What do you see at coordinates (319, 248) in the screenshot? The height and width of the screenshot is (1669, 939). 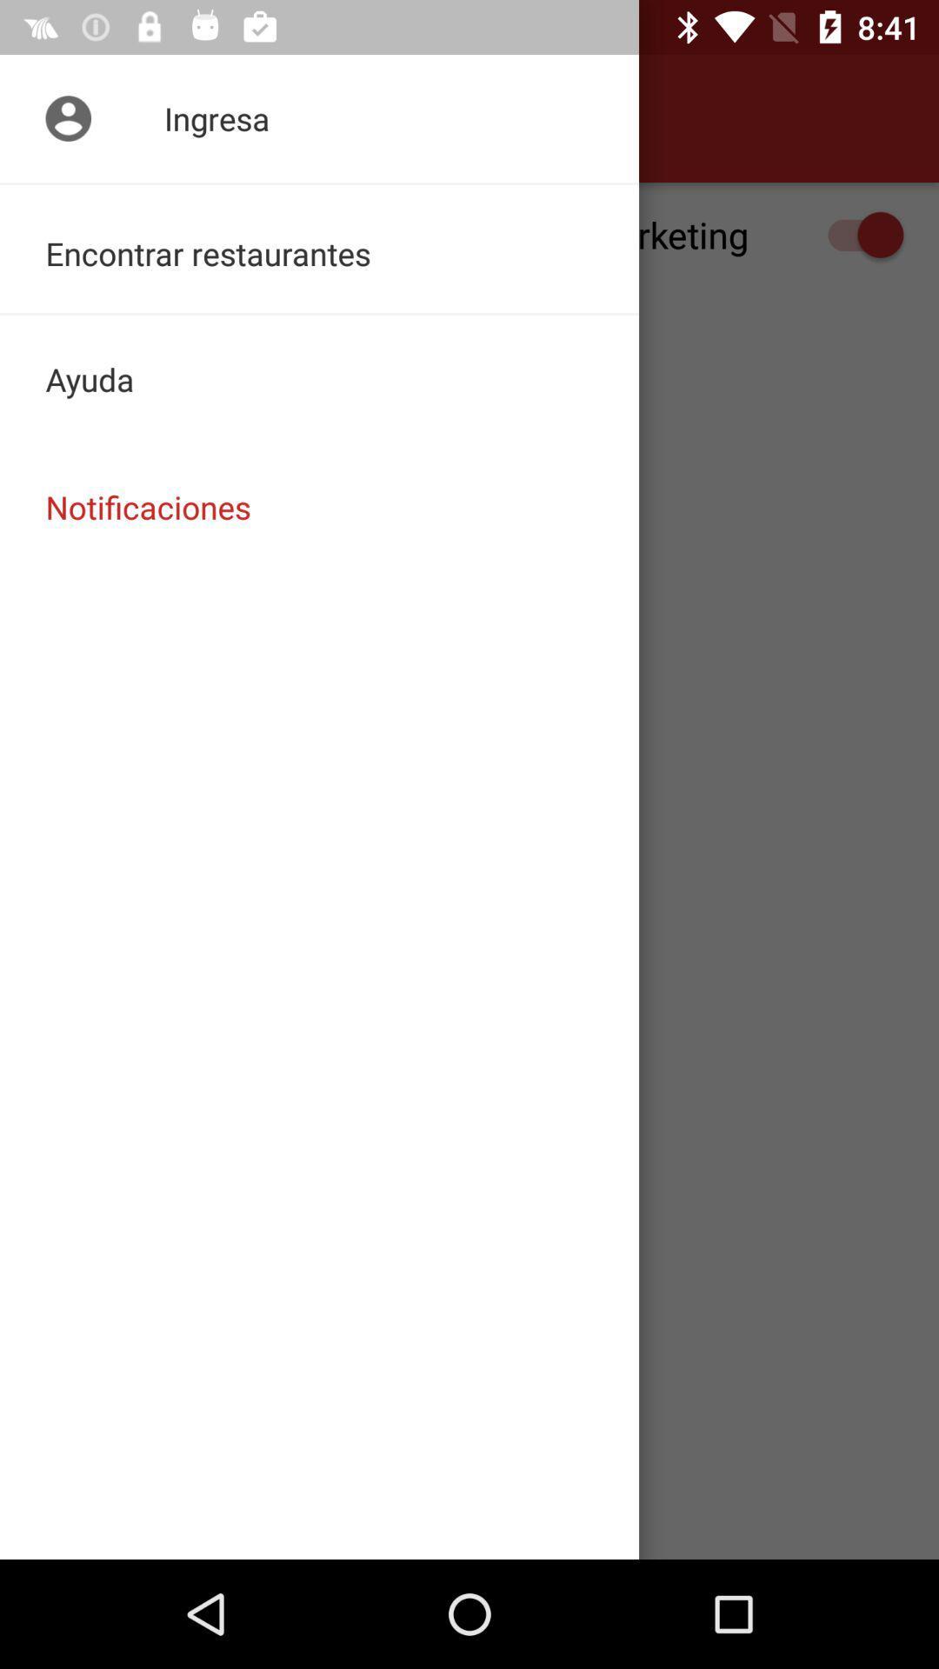 I see `encontrar restaurantes icon` at bounding box center [319, 248].